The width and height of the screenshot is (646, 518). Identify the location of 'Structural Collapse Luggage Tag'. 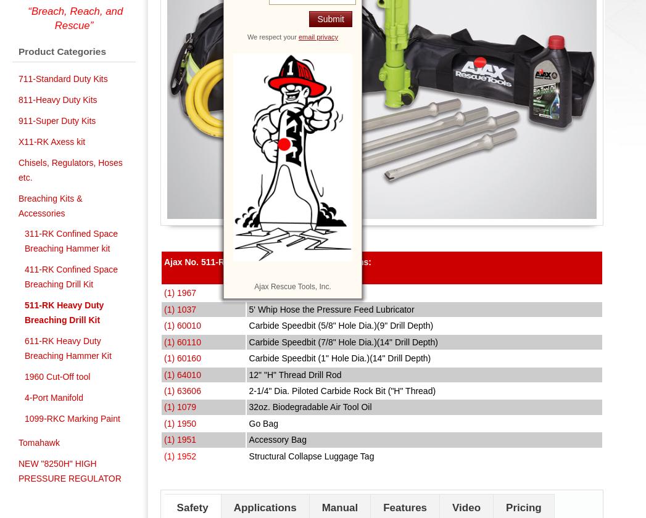
(310, 456).